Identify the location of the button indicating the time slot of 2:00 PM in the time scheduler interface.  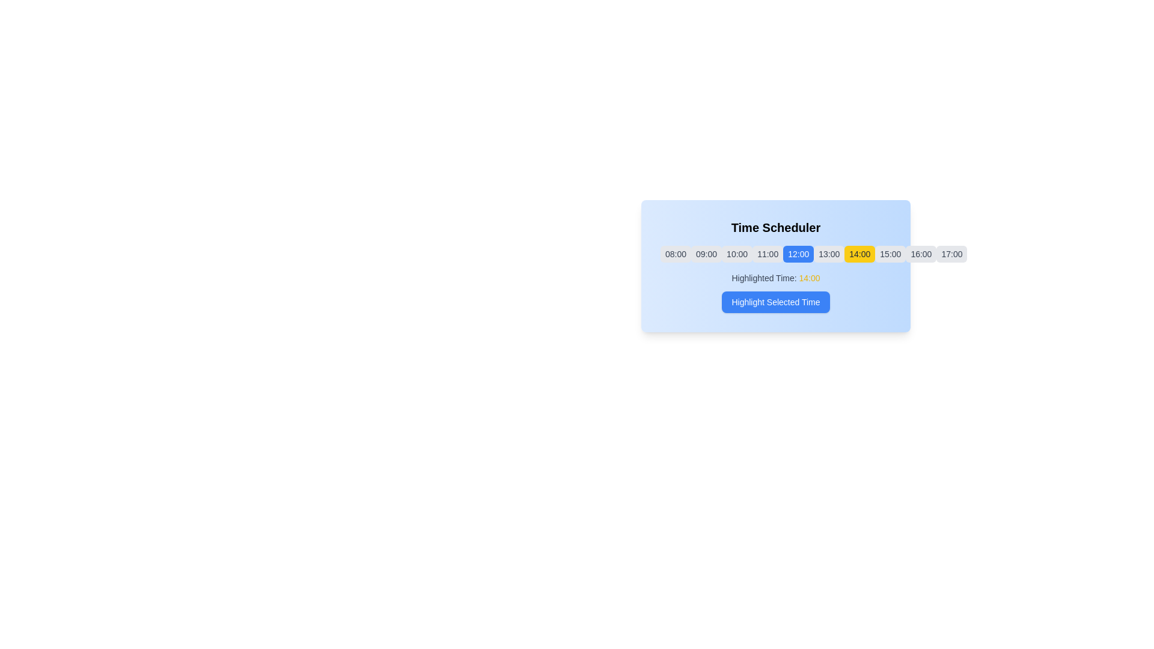
(859, 254).